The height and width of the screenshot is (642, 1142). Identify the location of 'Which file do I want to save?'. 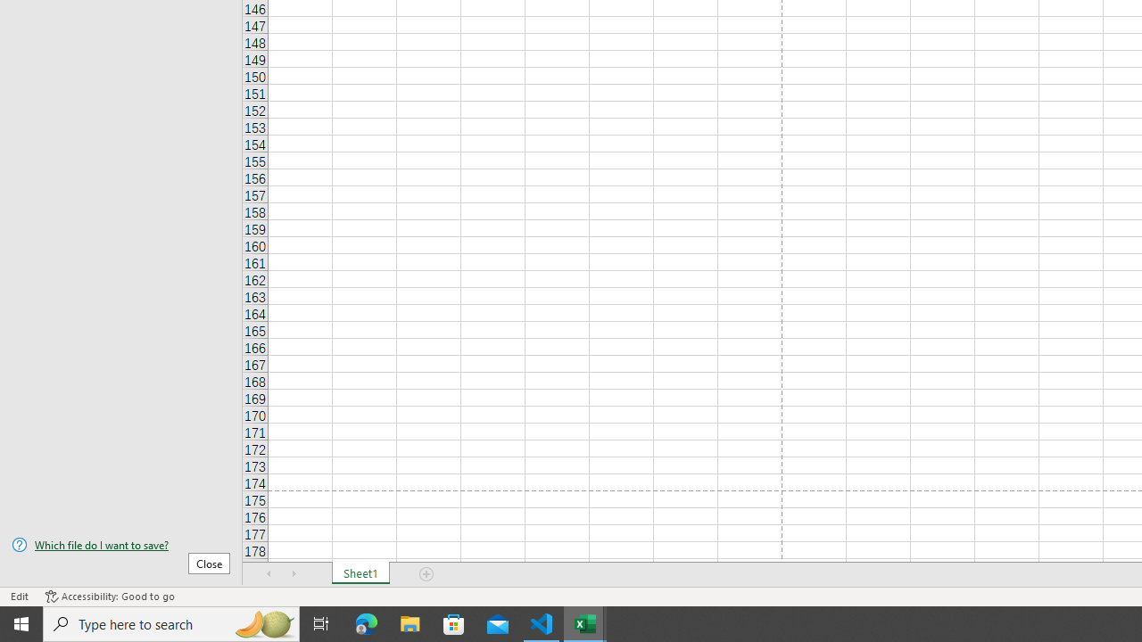
(120, 544).